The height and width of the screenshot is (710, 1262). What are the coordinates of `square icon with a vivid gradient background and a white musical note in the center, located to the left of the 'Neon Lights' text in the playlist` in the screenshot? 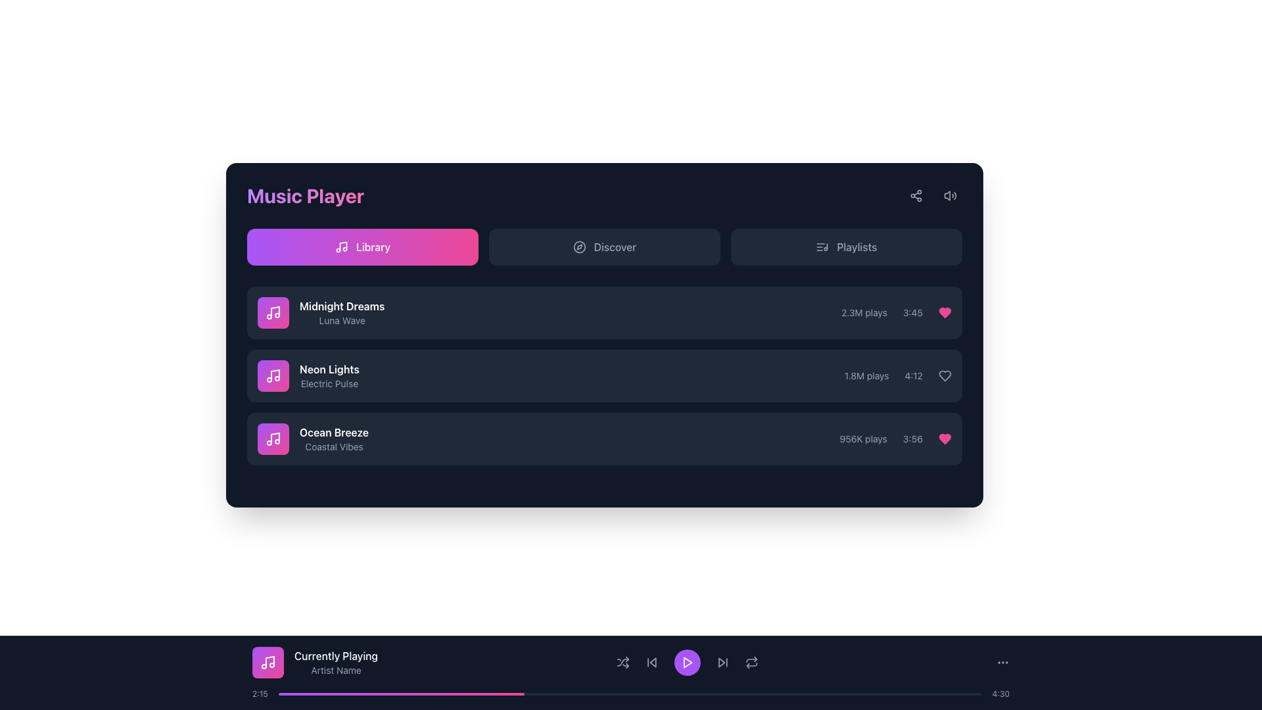 It's located at (273, 375).